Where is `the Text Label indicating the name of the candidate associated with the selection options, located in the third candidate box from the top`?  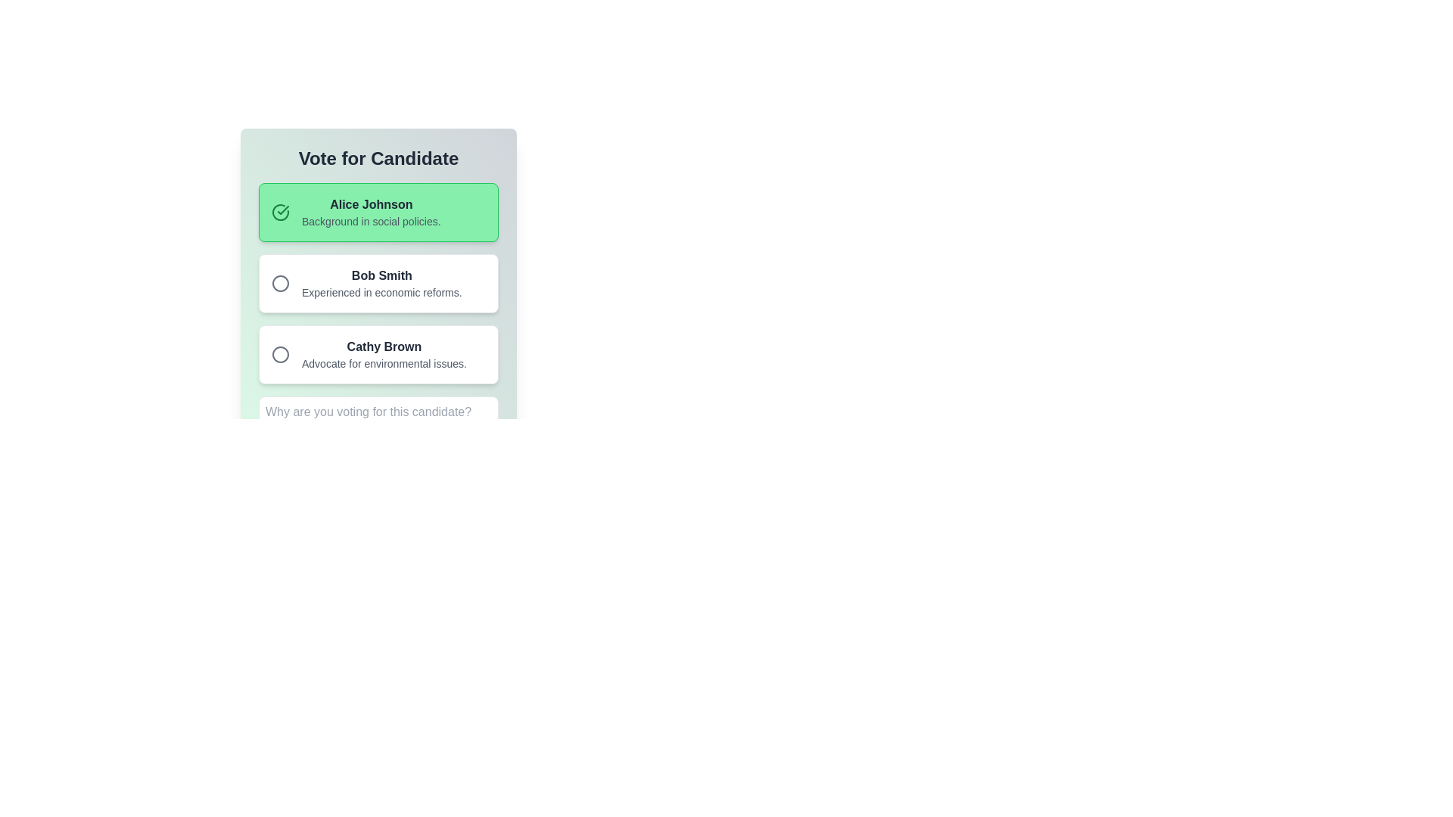
the Text Label indicating the name of the candidate associated with the selection options, located in the third candidate box from the top is located at coordinates (384, 347).